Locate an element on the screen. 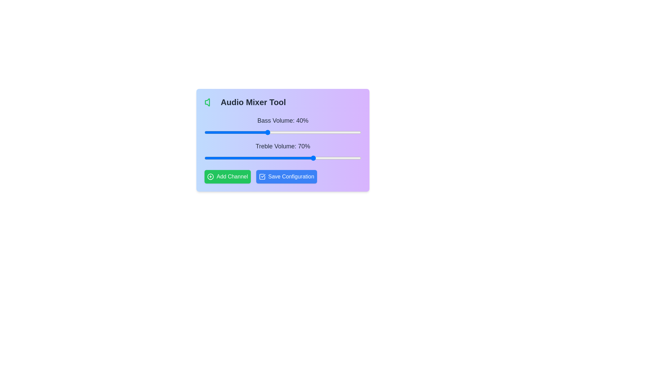  the slider is located at coordinates (336, 132).